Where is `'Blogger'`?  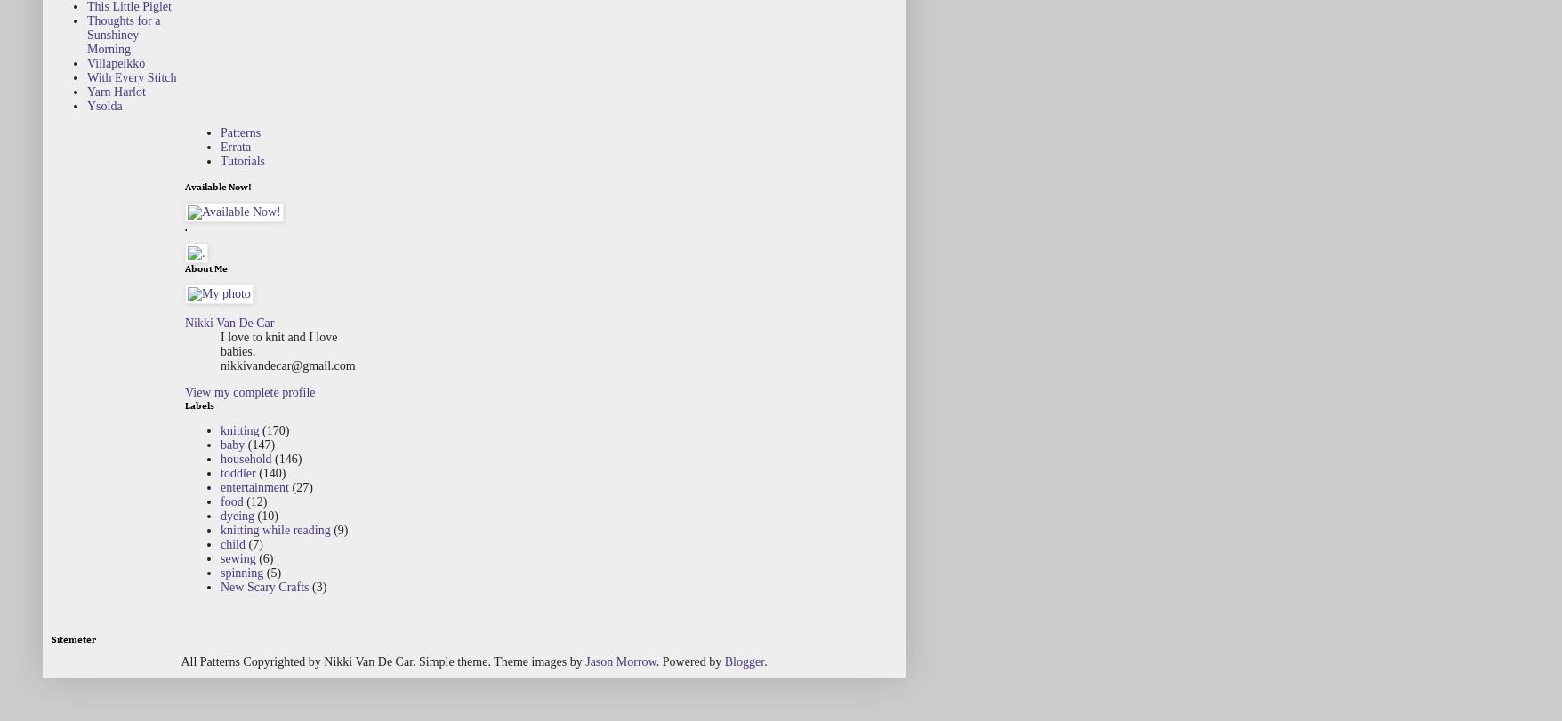
'Blogger' is located at coordinates (723, 660).